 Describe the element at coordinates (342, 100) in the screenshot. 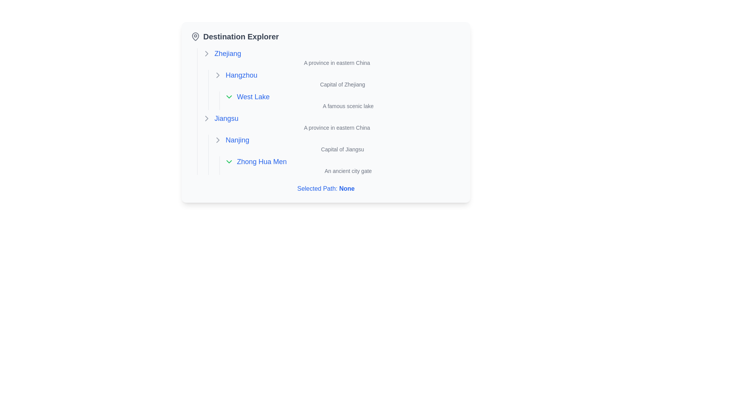

I see `description text of the Composite text block containing the hyperlink 'West Lake' and the description 'A famous scenic lake', located within the 'Destination Explorer' tree view under 'Hangzhou'` at that location.